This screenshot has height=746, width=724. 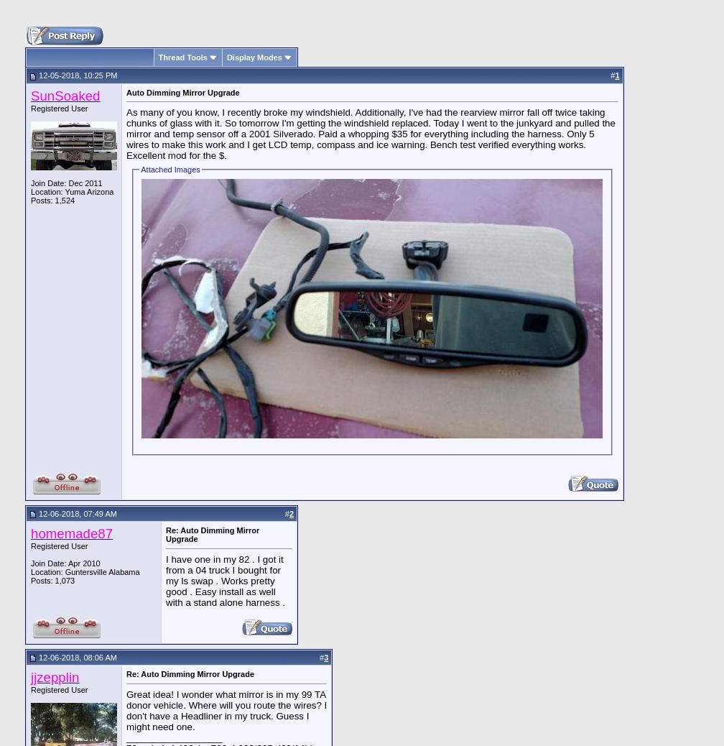 What do you see at coordinates (140, 169) in the screenshot?
I see `'Attached Images'` at bounding box center [140, 169].